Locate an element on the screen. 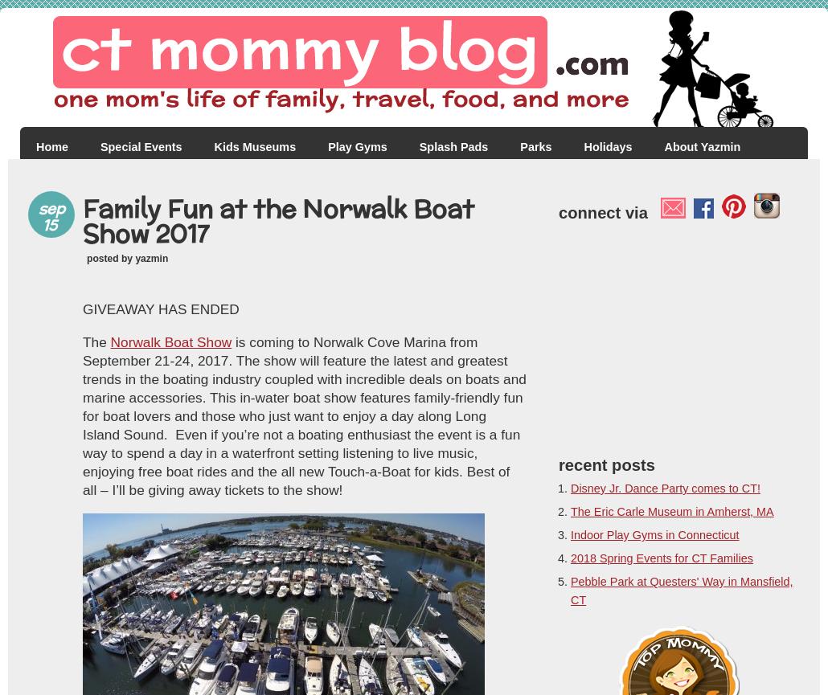 The height and width of the screenshot is (695, 828). '2018 Spring Events for CT Families' is located at coordinates (660, 558).